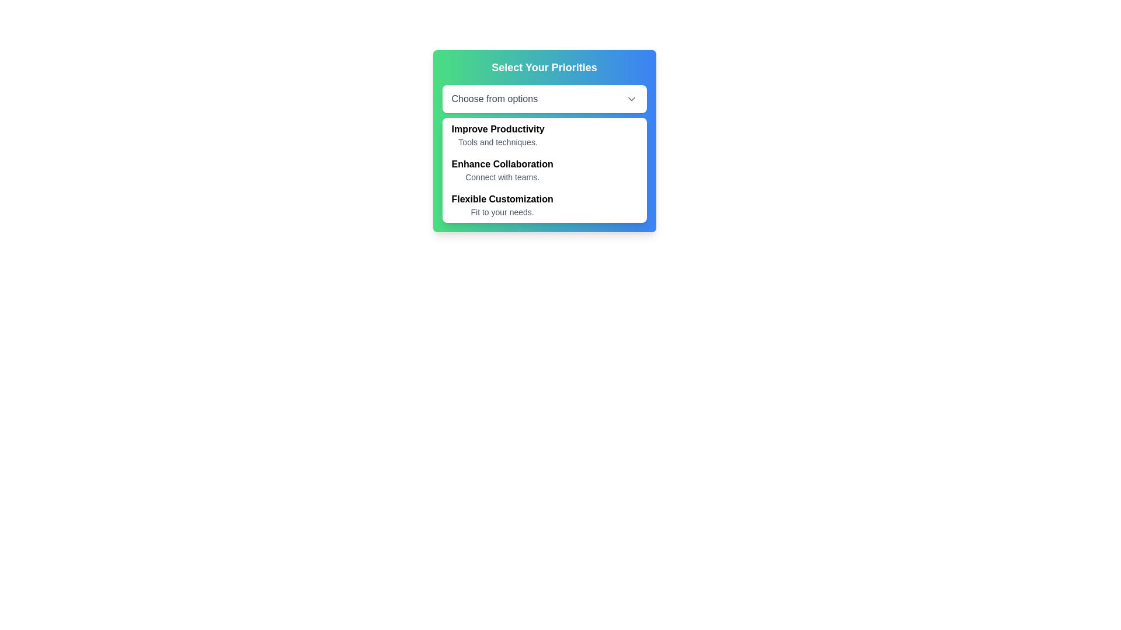  What do you see at coordinates (502, 204) in the screenshot?
I see `the text group titled 'Flexible Customization' with the description 'Fit to your needs'` at bounding box center [502, 204].